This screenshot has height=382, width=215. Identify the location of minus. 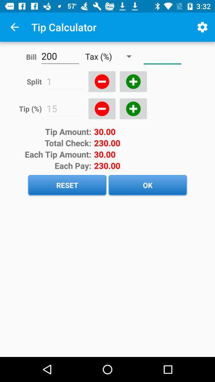
(102, 82).